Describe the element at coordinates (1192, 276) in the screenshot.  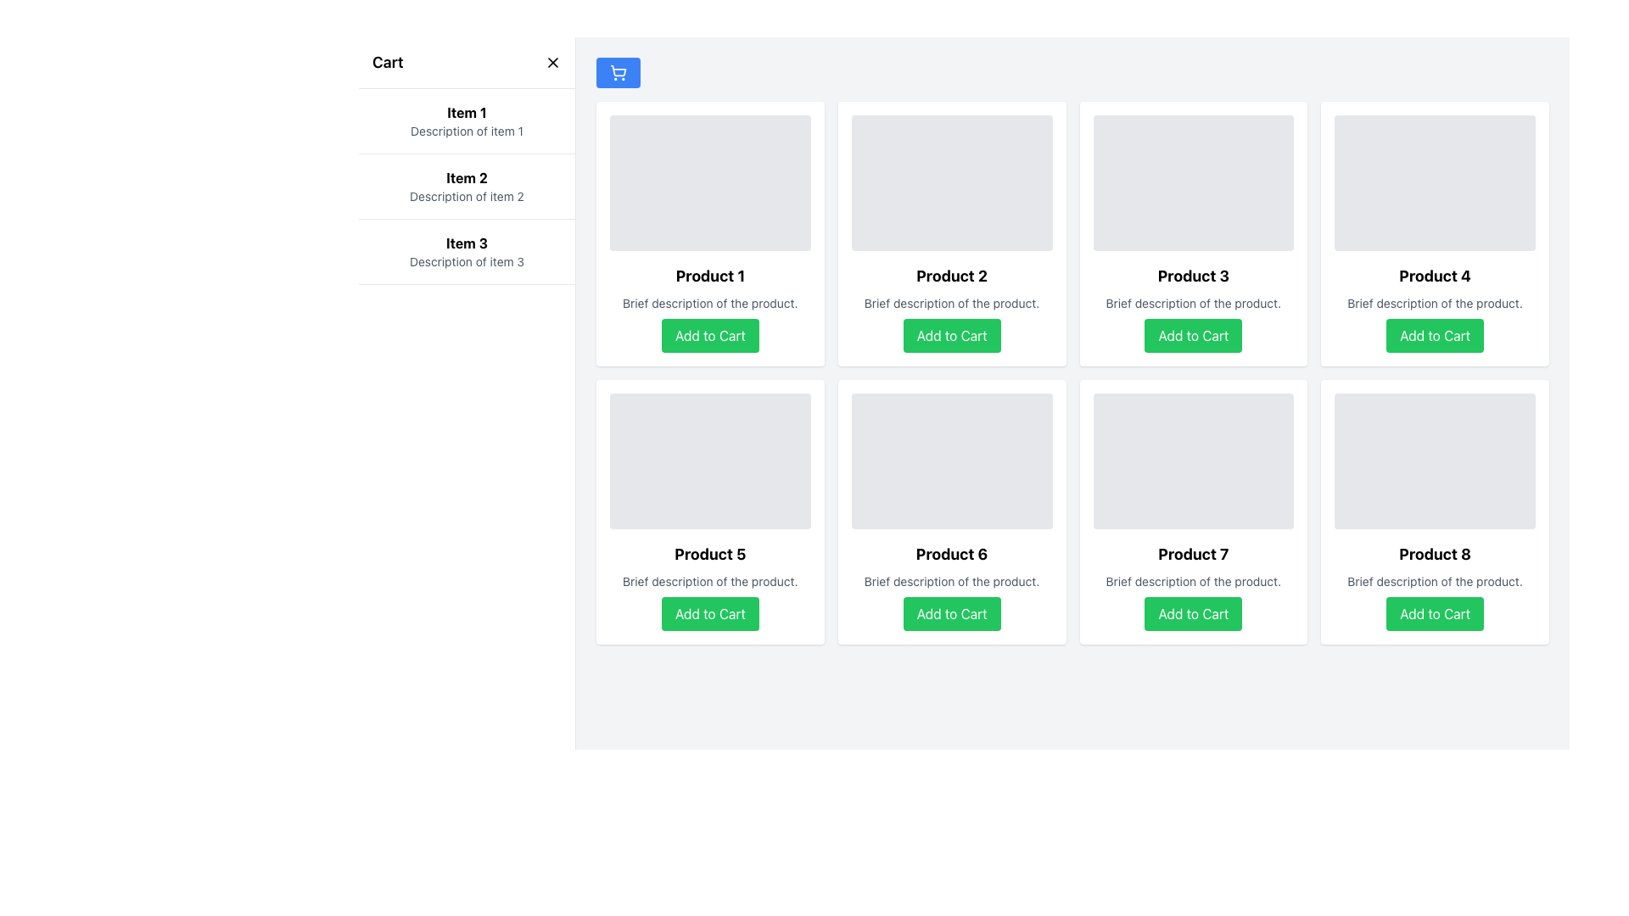
I see `the bold, black text label that reads 'Product 3', which is prominently displayed as a title within a white, rounded rectangle card in the interface` at that location.